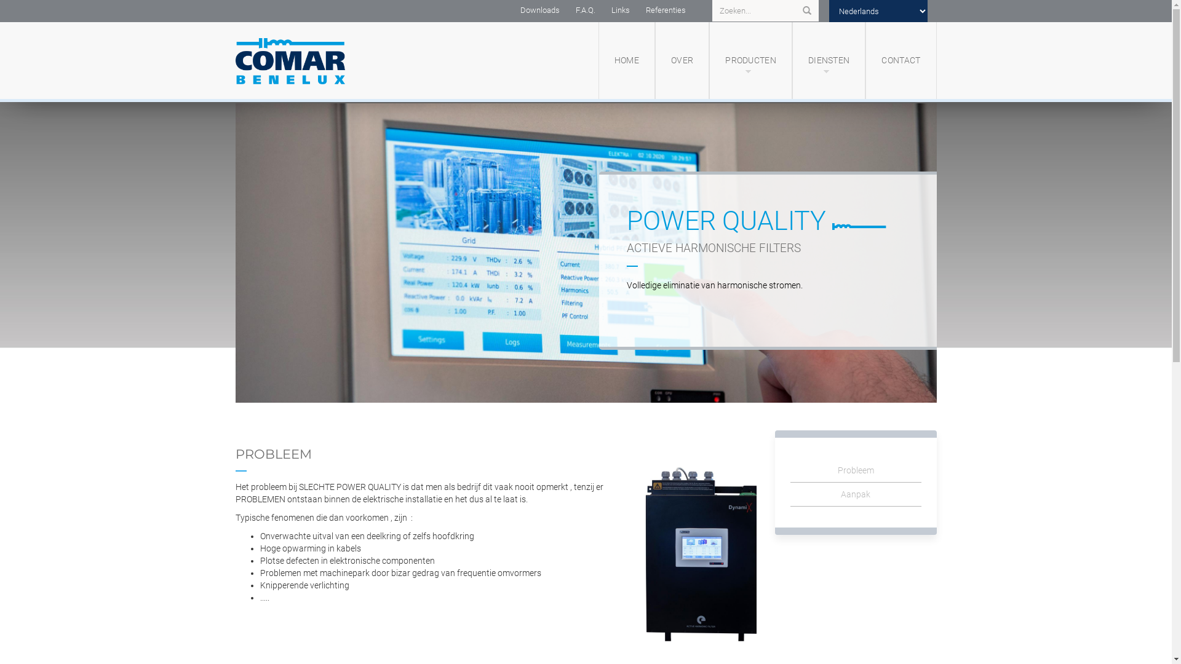 The width and height of the screenshot is (1181, 664). I want to click on 'Links', so click(620, 10).